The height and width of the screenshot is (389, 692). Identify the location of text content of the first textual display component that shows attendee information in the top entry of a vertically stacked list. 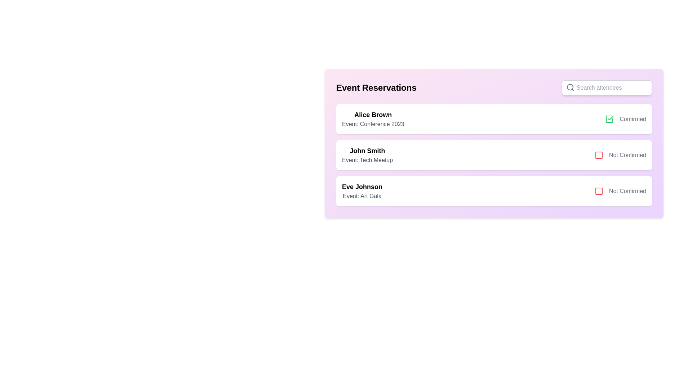
(373, 119).